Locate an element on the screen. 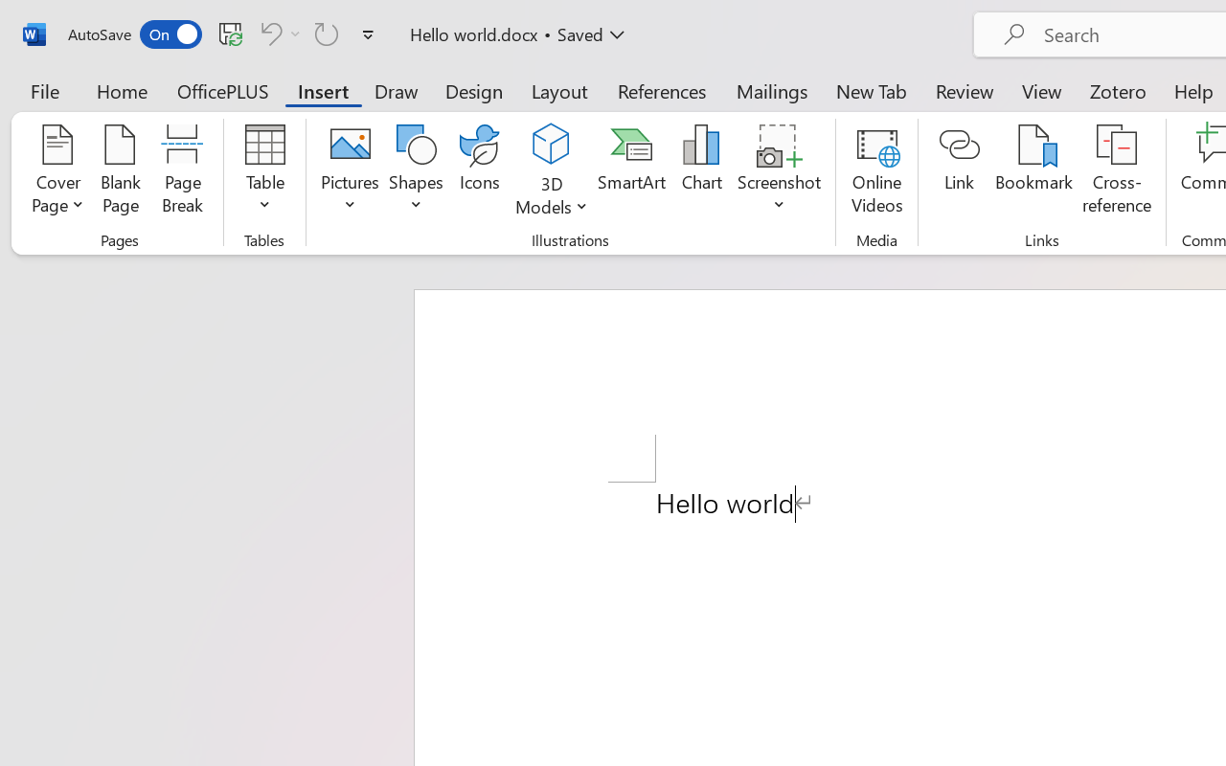  'Bookmark...' is located at coordinates (1033, 171).